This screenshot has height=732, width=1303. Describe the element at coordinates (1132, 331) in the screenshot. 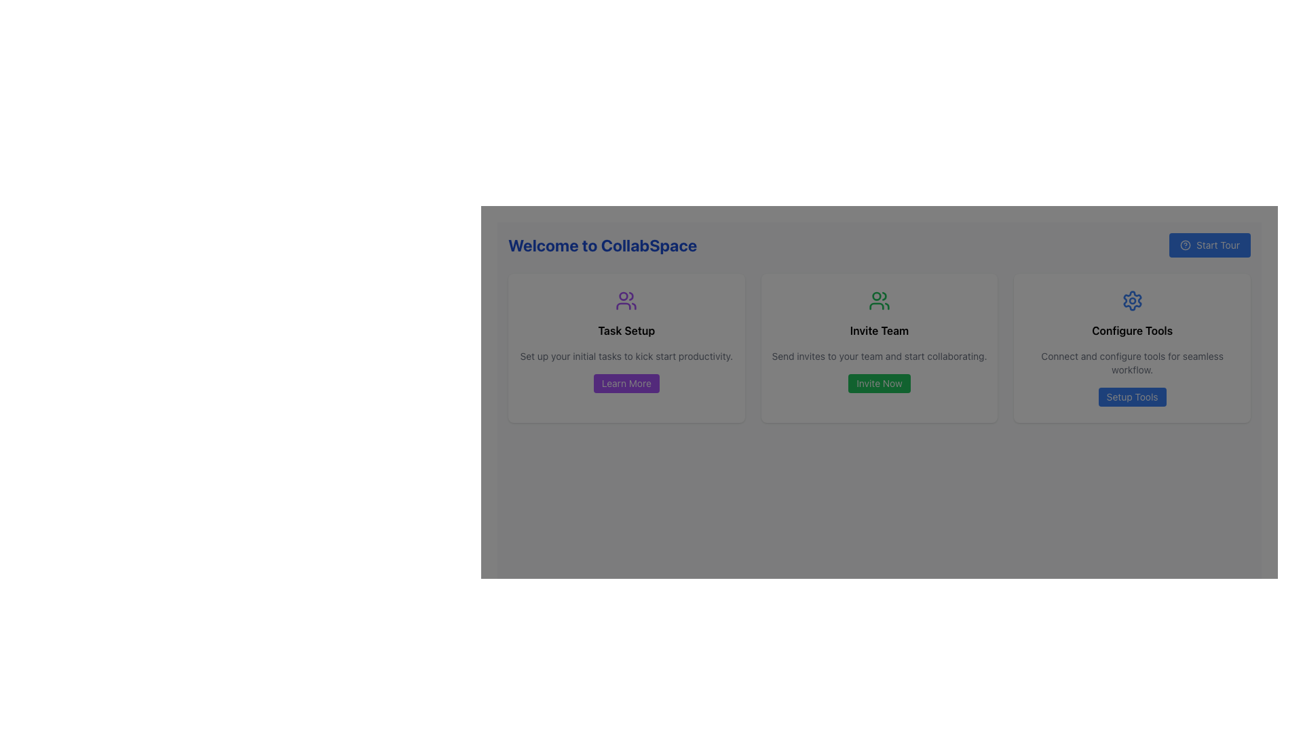

I see `the bold black text label reading 'Configure Tools', which is centered below a gear icon and above a blue button labeled 'Setup Tools'` at that location.